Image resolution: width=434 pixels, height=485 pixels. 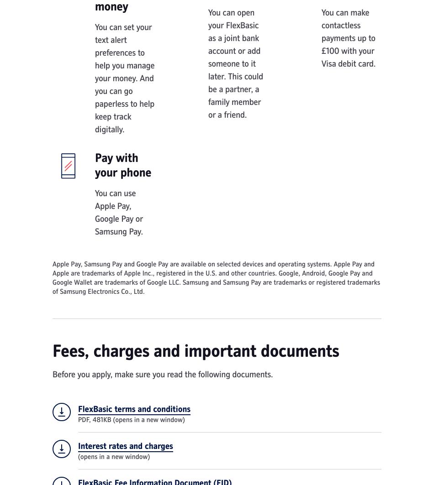 What do you see at coordinates (95, 213) in the screenshot?
I see `'You can use Apple Pay, Google Pay or Samsung Pay.'` at bounding box center [95, 213].